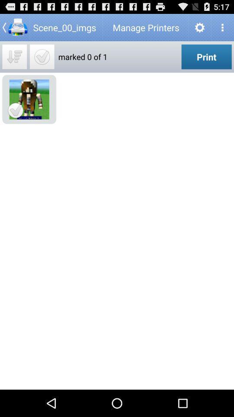 This screenshot has height=417, width=234. Describe the element at coordinates (42, 60) in the screenshot. I see `the check icon` at that location.